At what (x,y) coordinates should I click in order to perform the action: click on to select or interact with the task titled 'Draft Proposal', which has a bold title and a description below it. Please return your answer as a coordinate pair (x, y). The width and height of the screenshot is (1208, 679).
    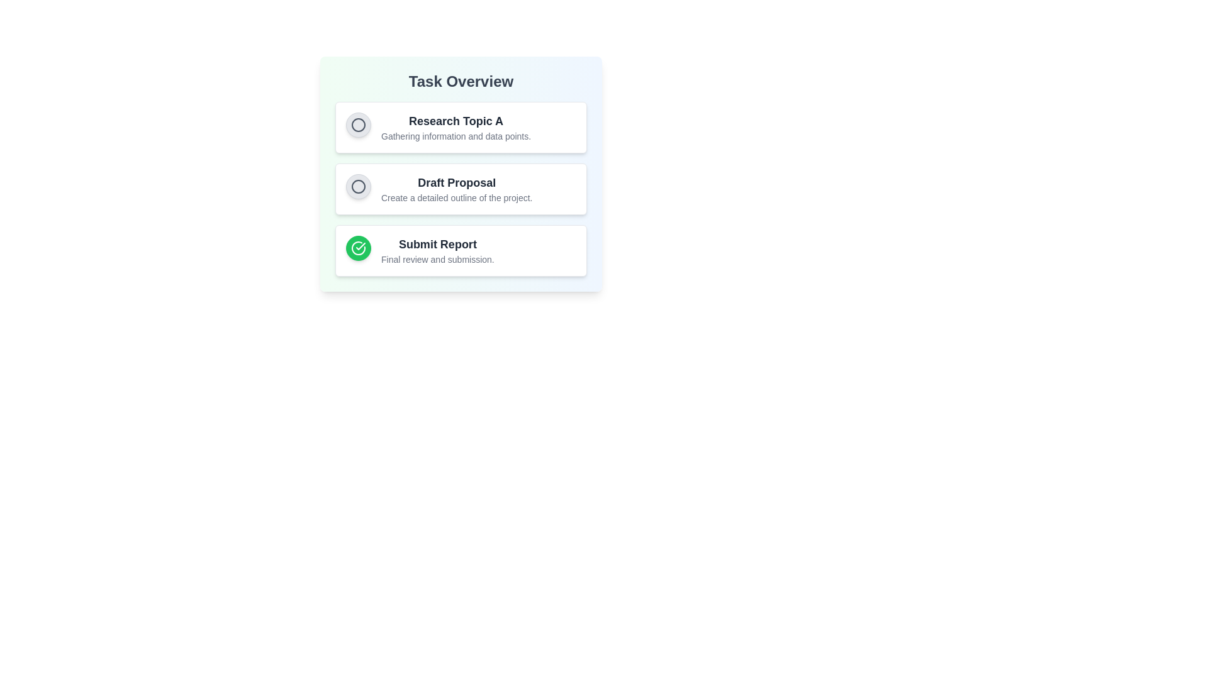
    Looking at the image, I should click on (456, 189).